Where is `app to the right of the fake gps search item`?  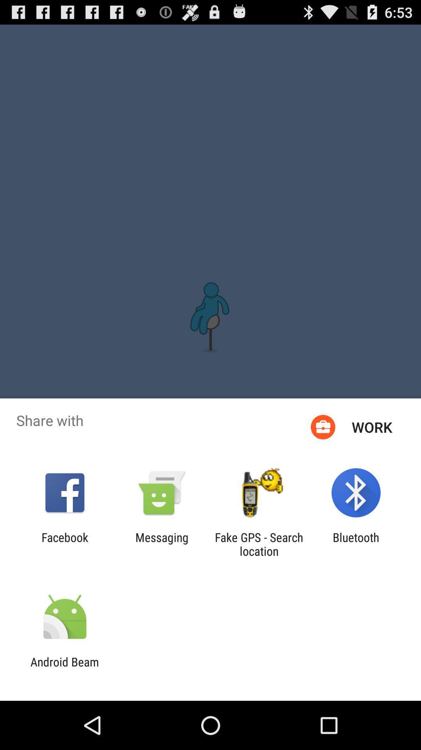
app to the right of the fake gps search item is located at coordinates (356, 544).